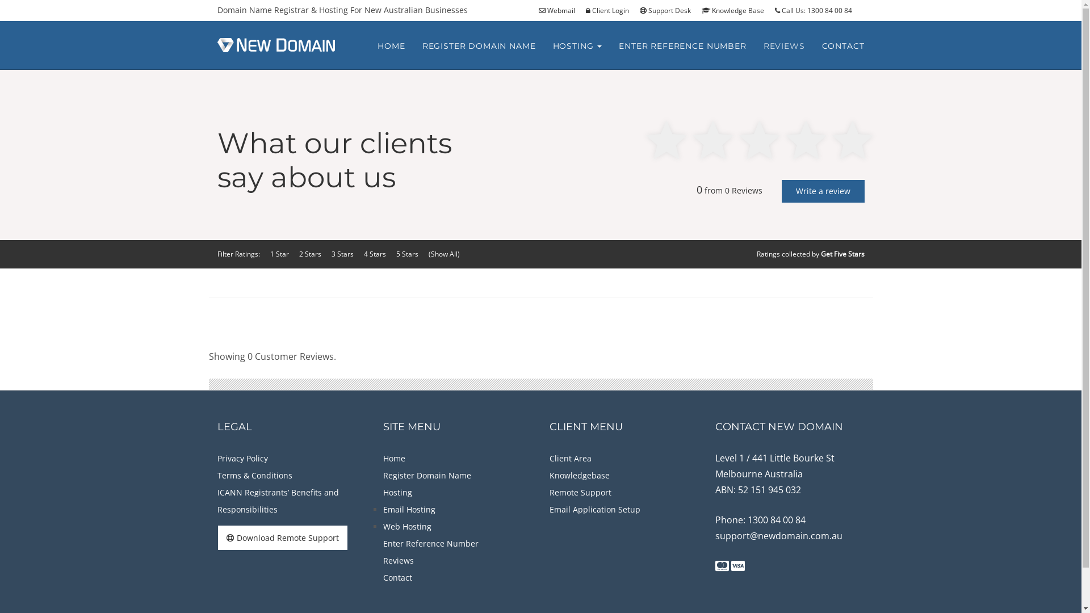 The image size is (1090, 613). Describe the element at coordinates (611, 10) in the screenshot. I see `'Client Login'` at that location.